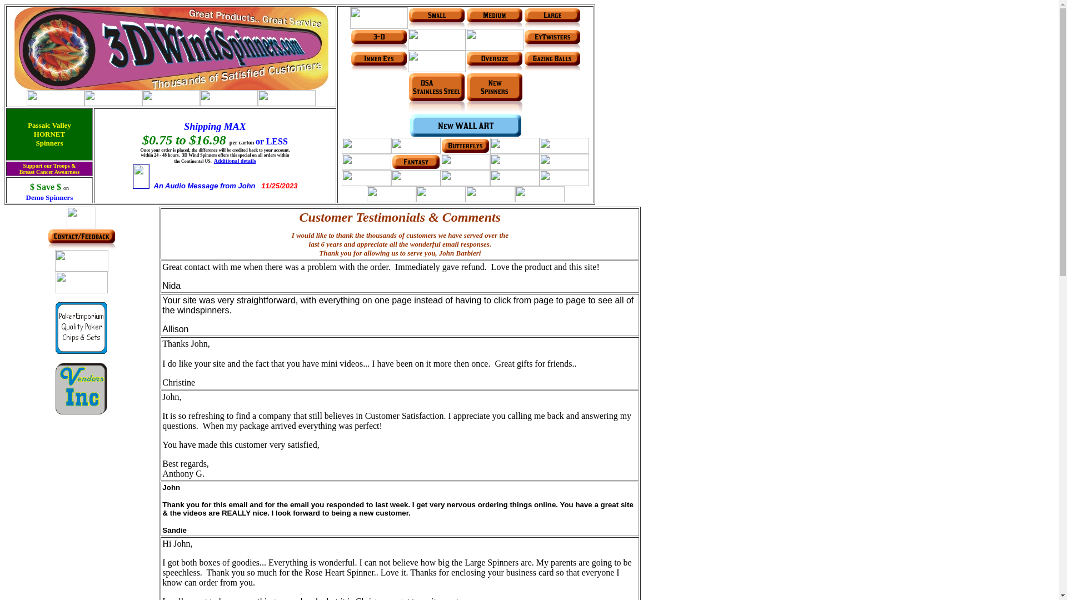  I want to click on 'An Audio Message from John', so click(205, 185).